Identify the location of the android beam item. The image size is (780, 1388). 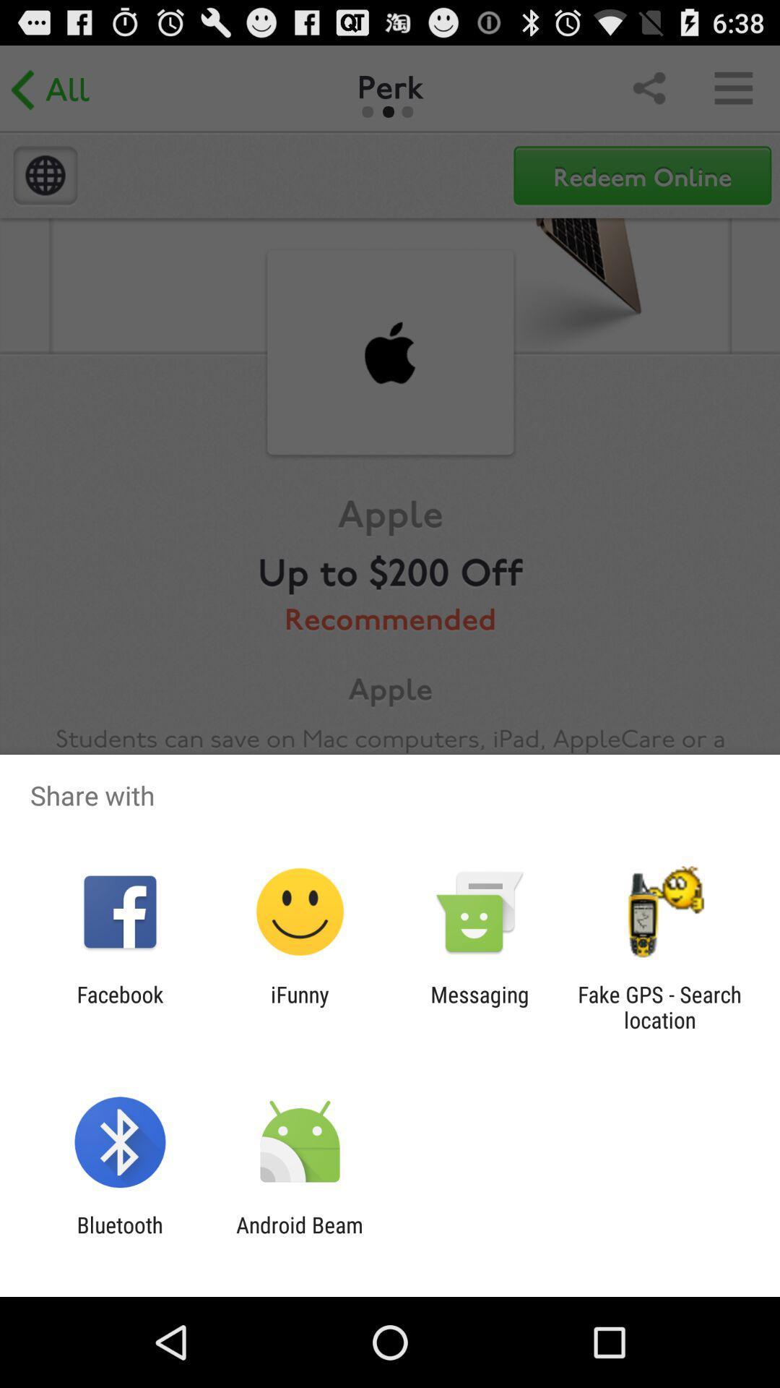
(299, 1237).